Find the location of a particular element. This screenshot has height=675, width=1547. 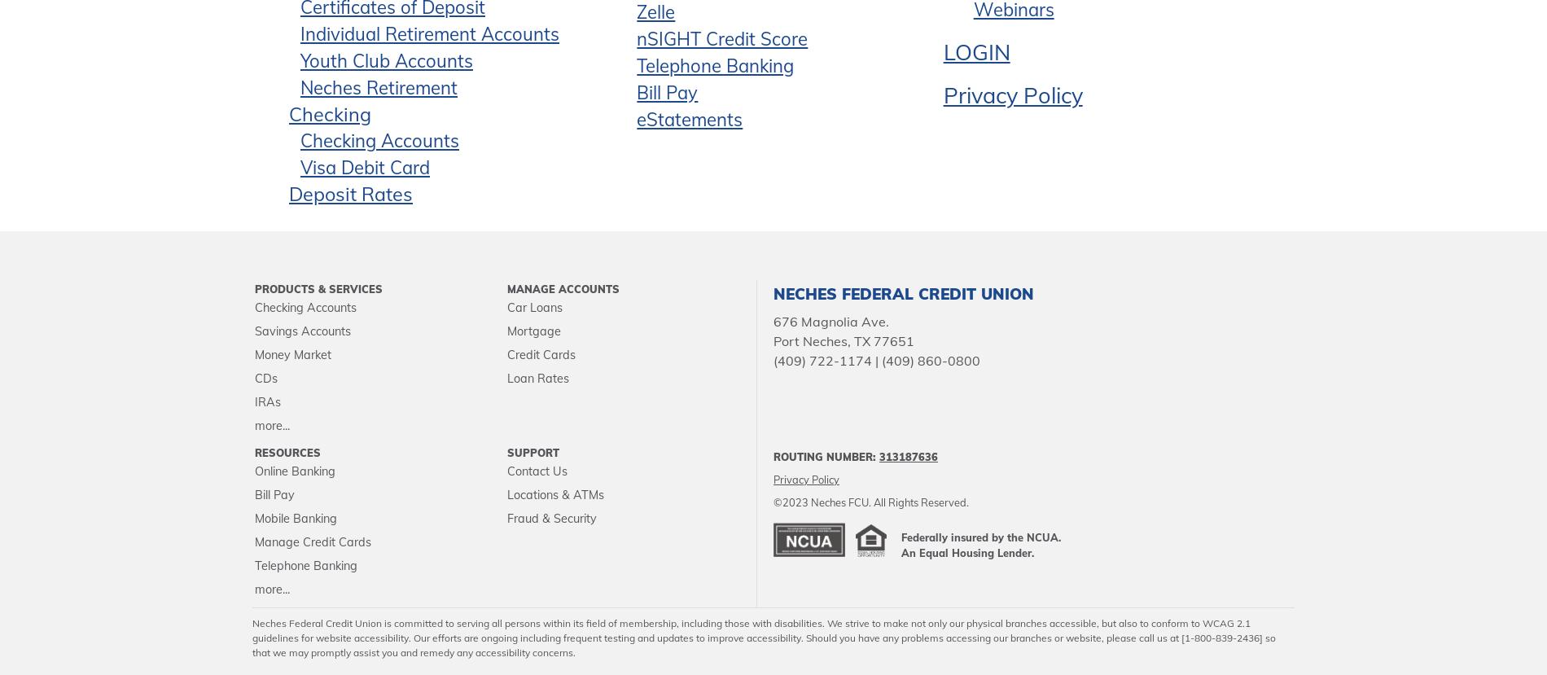

'Credit Cards' is located at coordinates (541, 353).